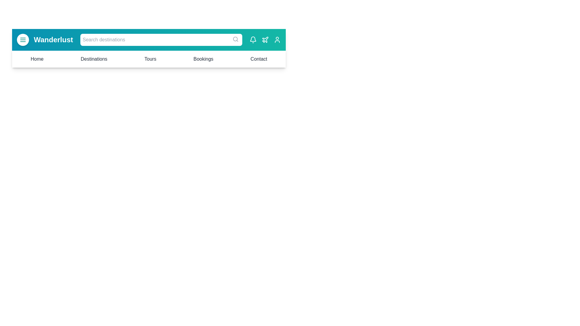 Image resolution: width=580 pixels, height=326 pixels. Describe the element at coordinates (259, 59) in the screenshot. I see `the menu item Contact to navigate to the corresponding section` at that location.